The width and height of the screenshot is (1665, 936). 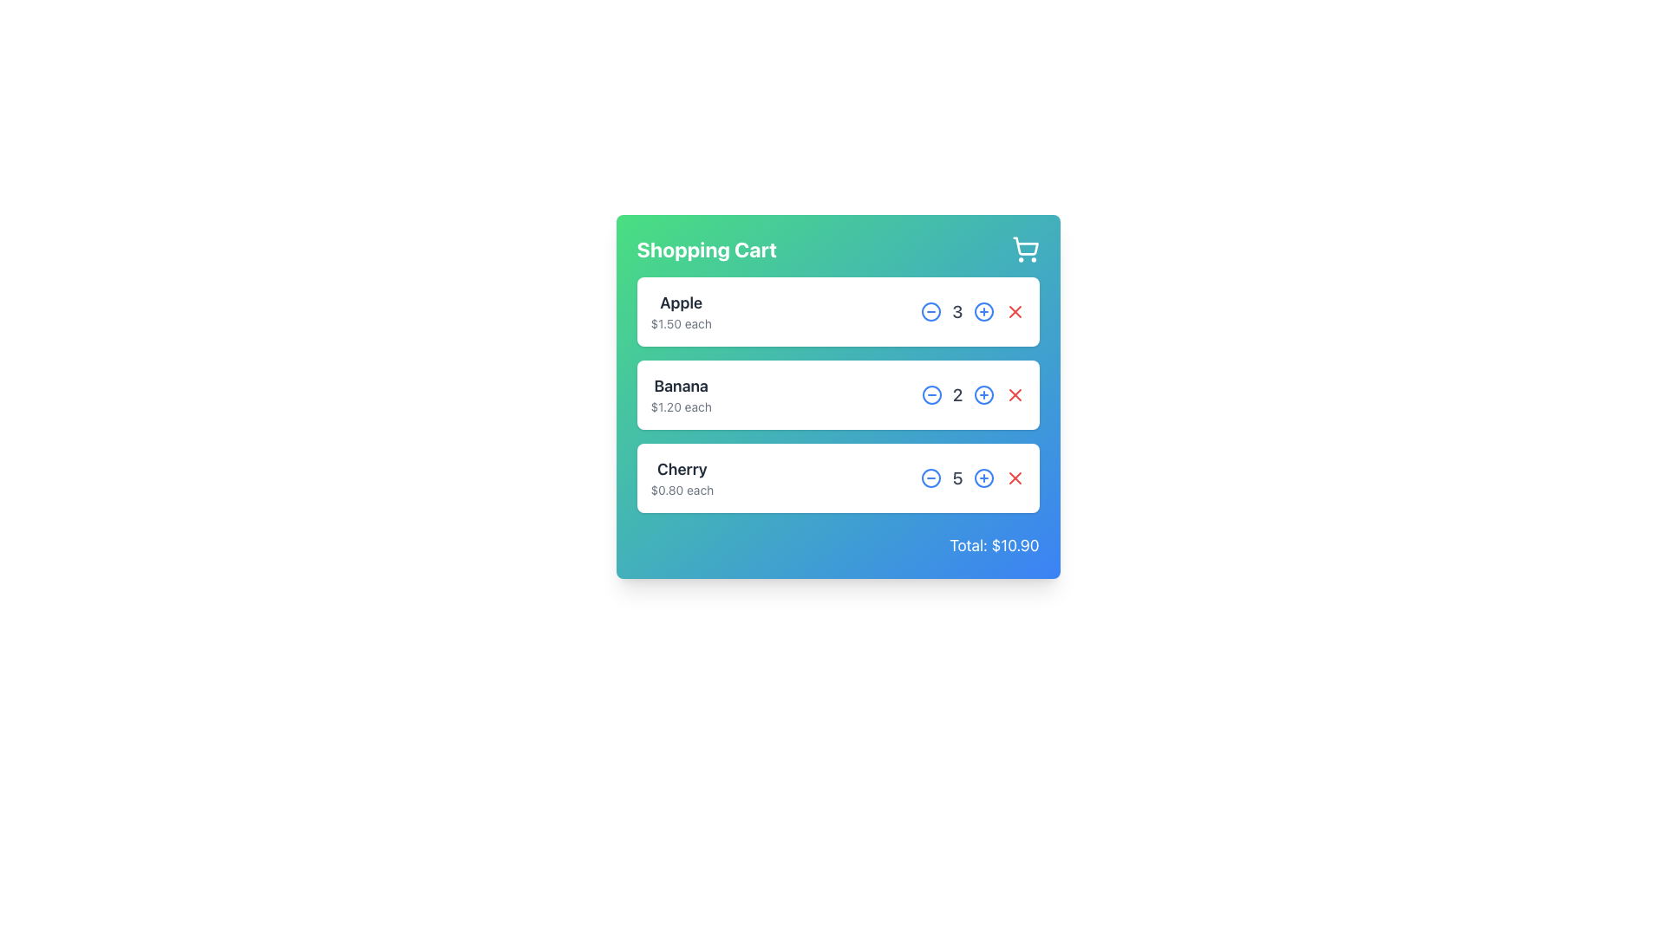 What do you see at coordinates (680, 407) in the screenshot?
I see `the text display showing the unit price of bananas located under the 'Banana' heading in the shopping cart interface` at bounding box center [680, 407].